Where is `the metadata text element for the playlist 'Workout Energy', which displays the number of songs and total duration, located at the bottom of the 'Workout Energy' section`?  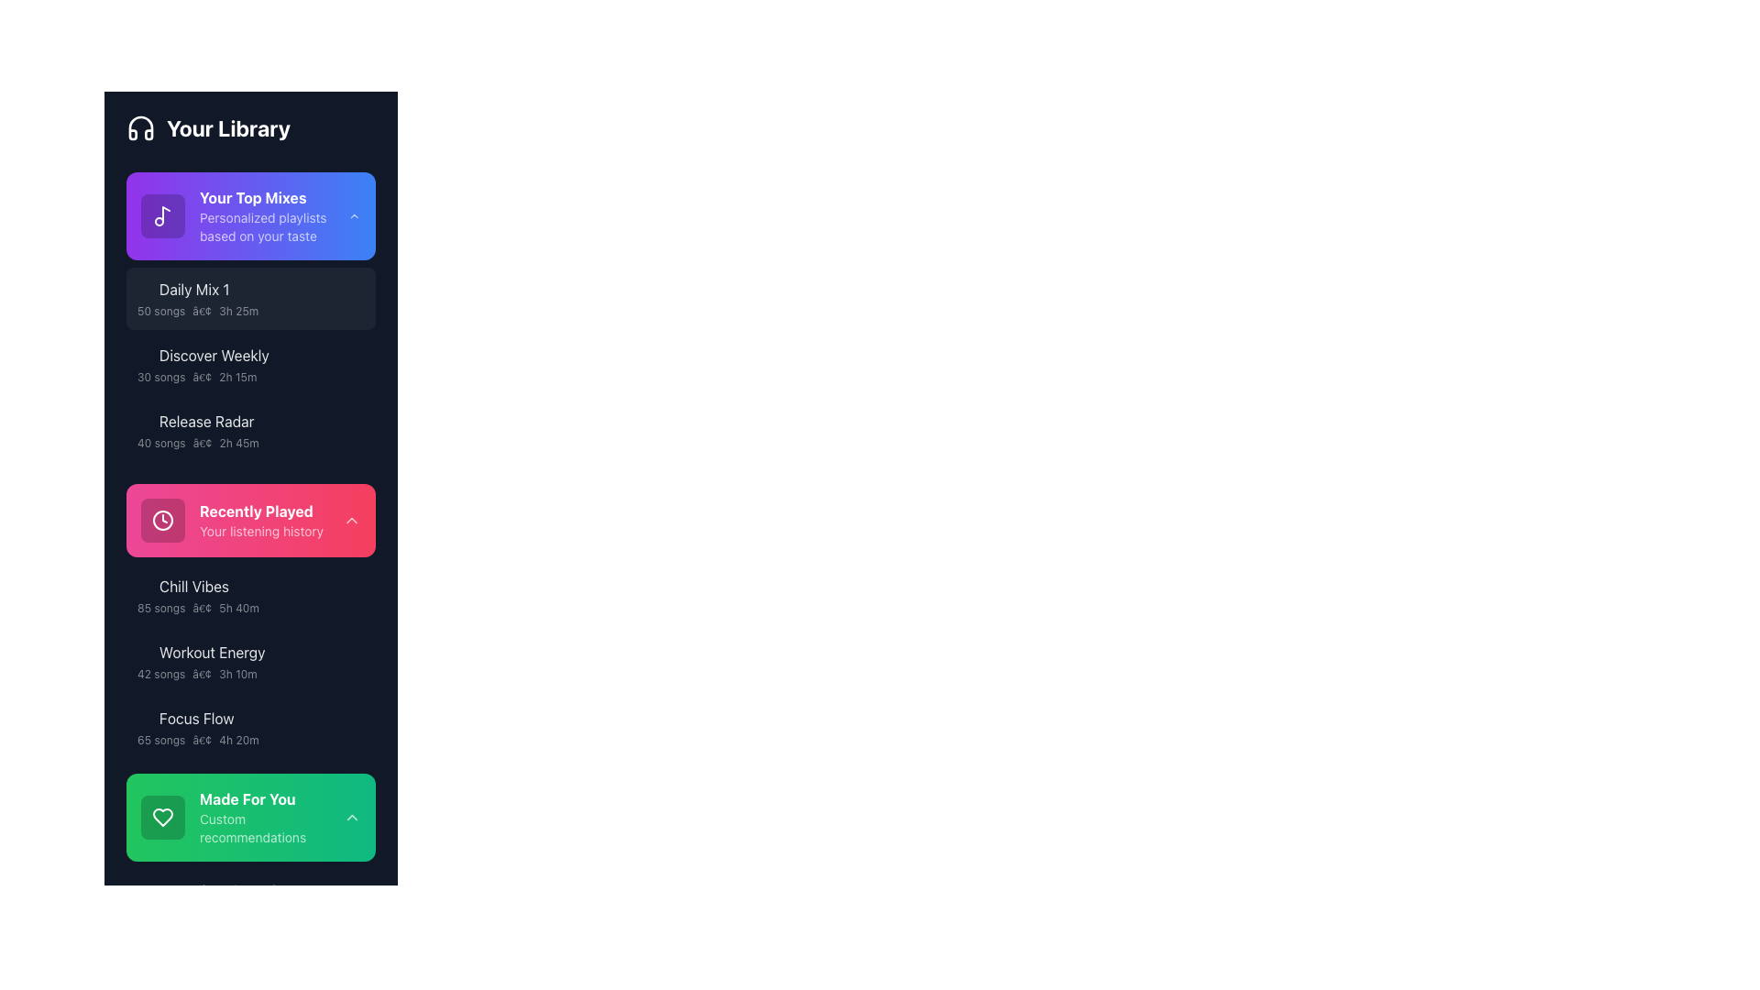
the metadata text element for the playlist 'Workout Energy', which displays the number of songs and total duration, located at the bottom of the 'Workout Energy' section is located at coordinates (241, 675).